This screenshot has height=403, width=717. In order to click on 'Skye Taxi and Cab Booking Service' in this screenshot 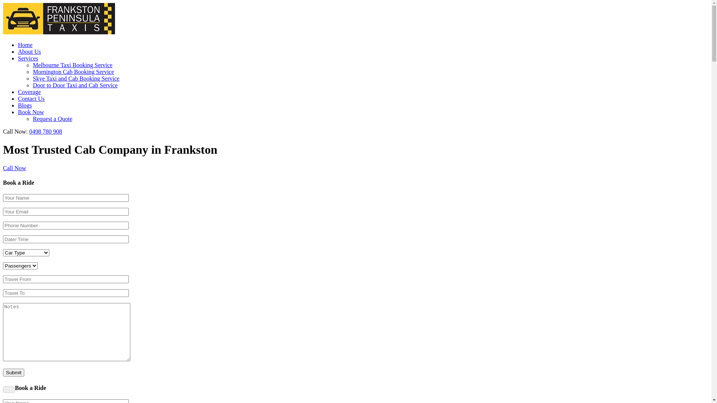, I will do `click(76, 78)`.